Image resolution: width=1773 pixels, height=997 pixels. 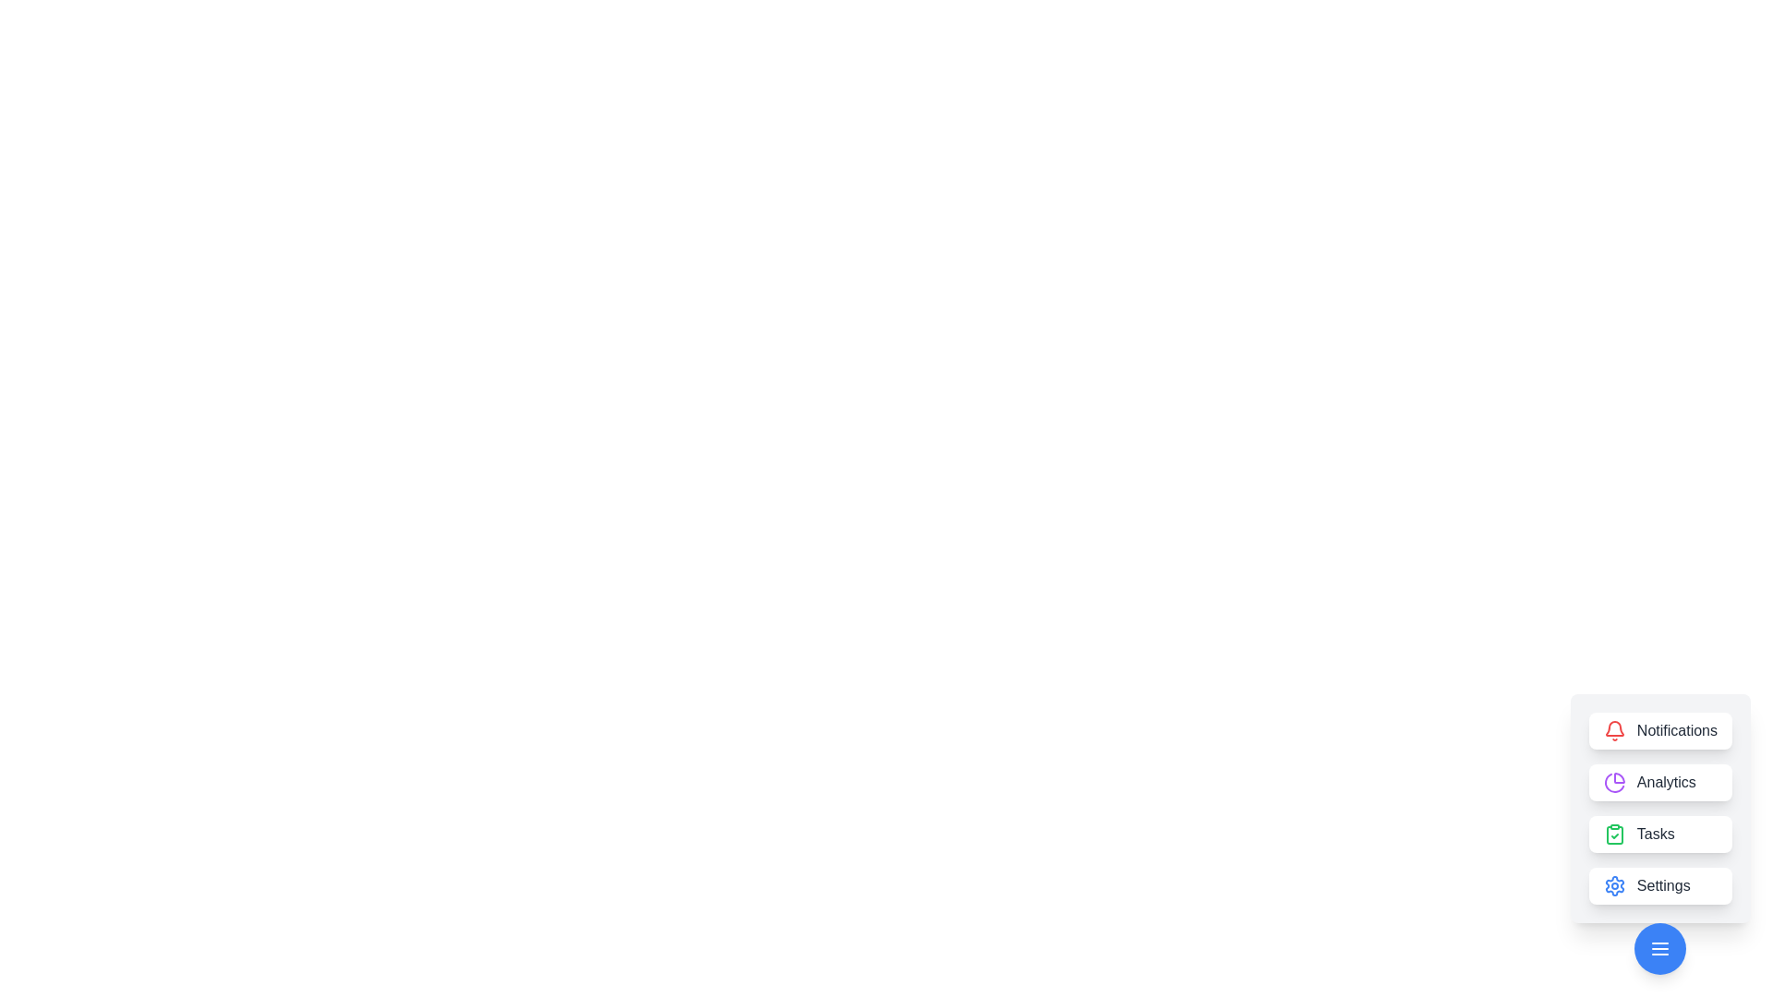 I want to click on blue button to toggle the visibility of the speed dial menu, so click(x=1660, y=949).